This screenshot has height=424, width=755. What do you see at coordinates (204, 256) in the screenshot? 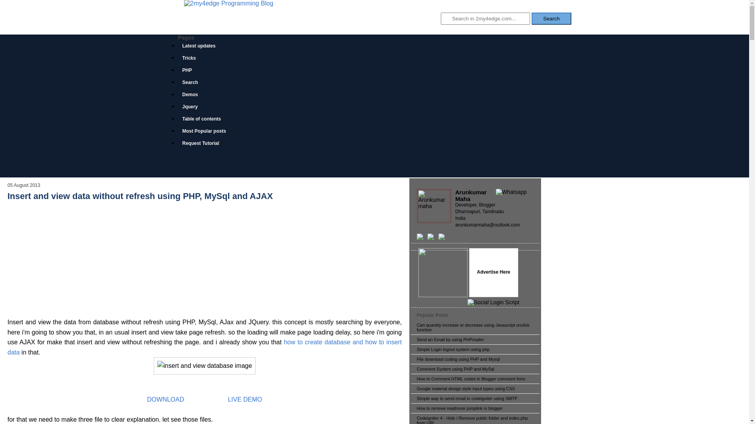
I see `'Advertisement'` at bounding box center [204, 256].